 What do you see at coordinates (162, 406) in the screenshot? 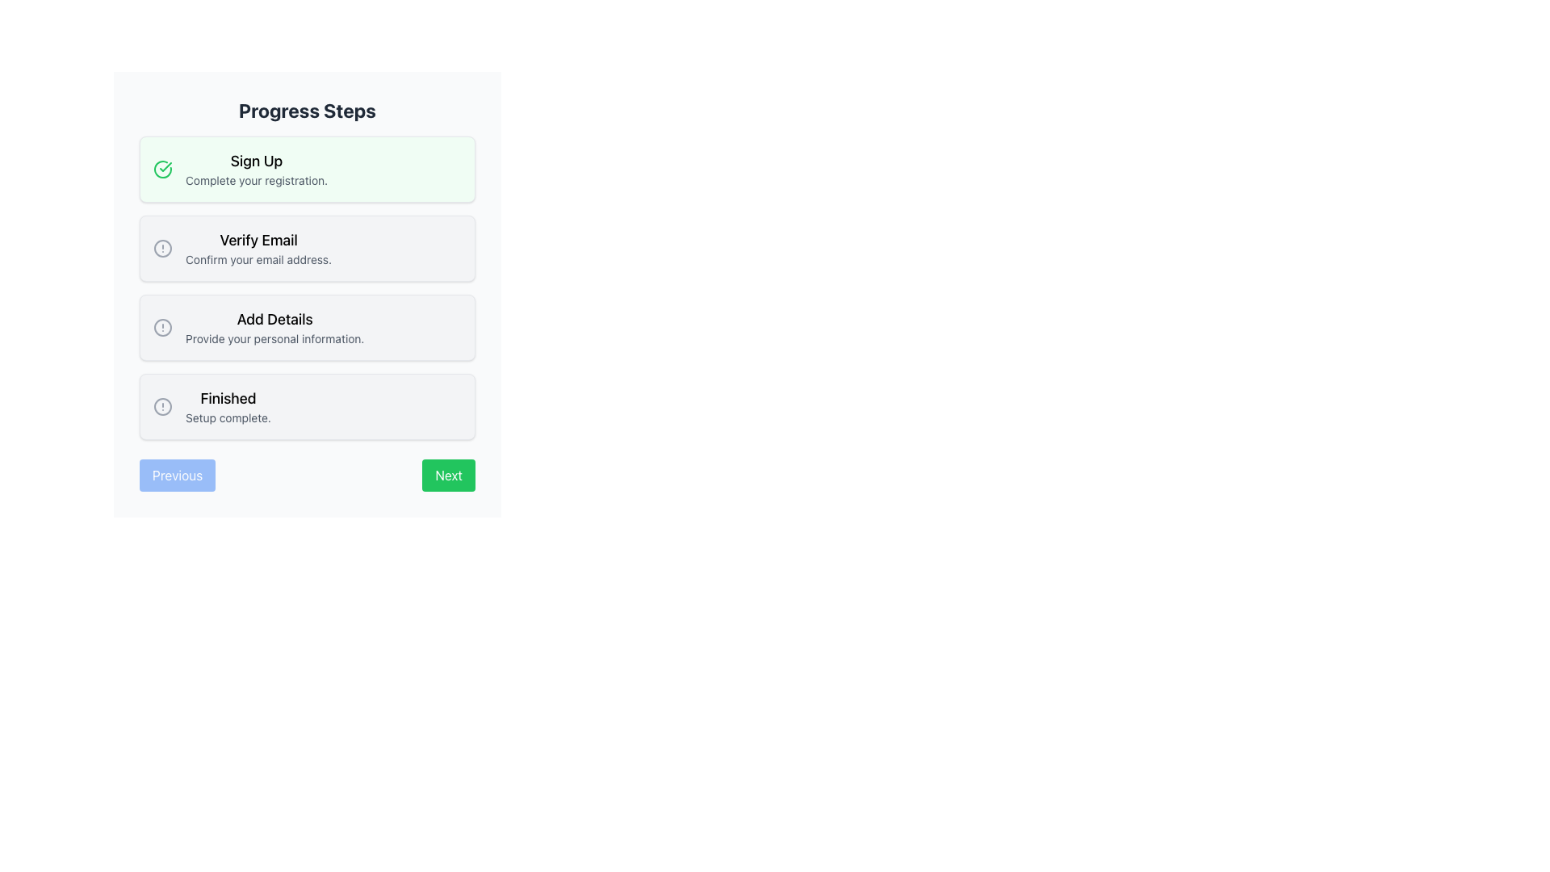
I see `the circular indicator element with a thin gray border located next to the 'Finished' step in the vertical progress list` at bounding box center [162, 406].